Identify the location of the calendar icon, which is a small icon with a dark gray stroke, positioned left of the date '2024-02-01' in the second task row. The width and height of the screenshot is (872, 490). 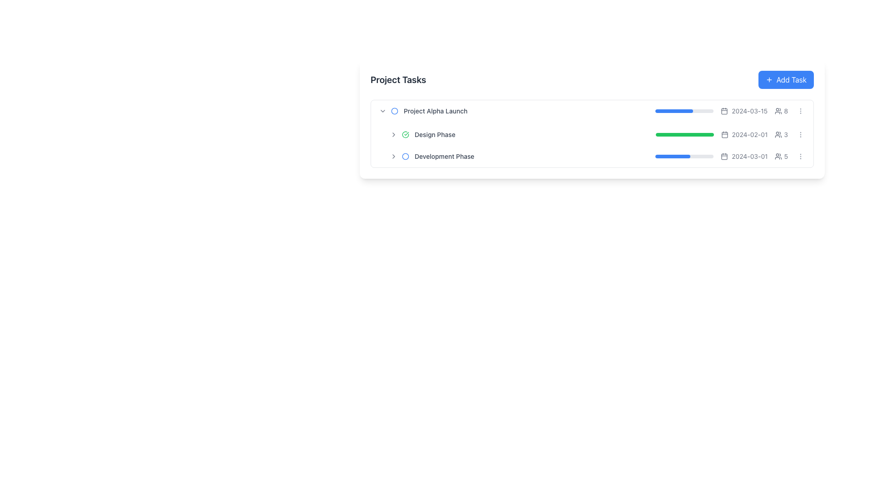
(724, 135).